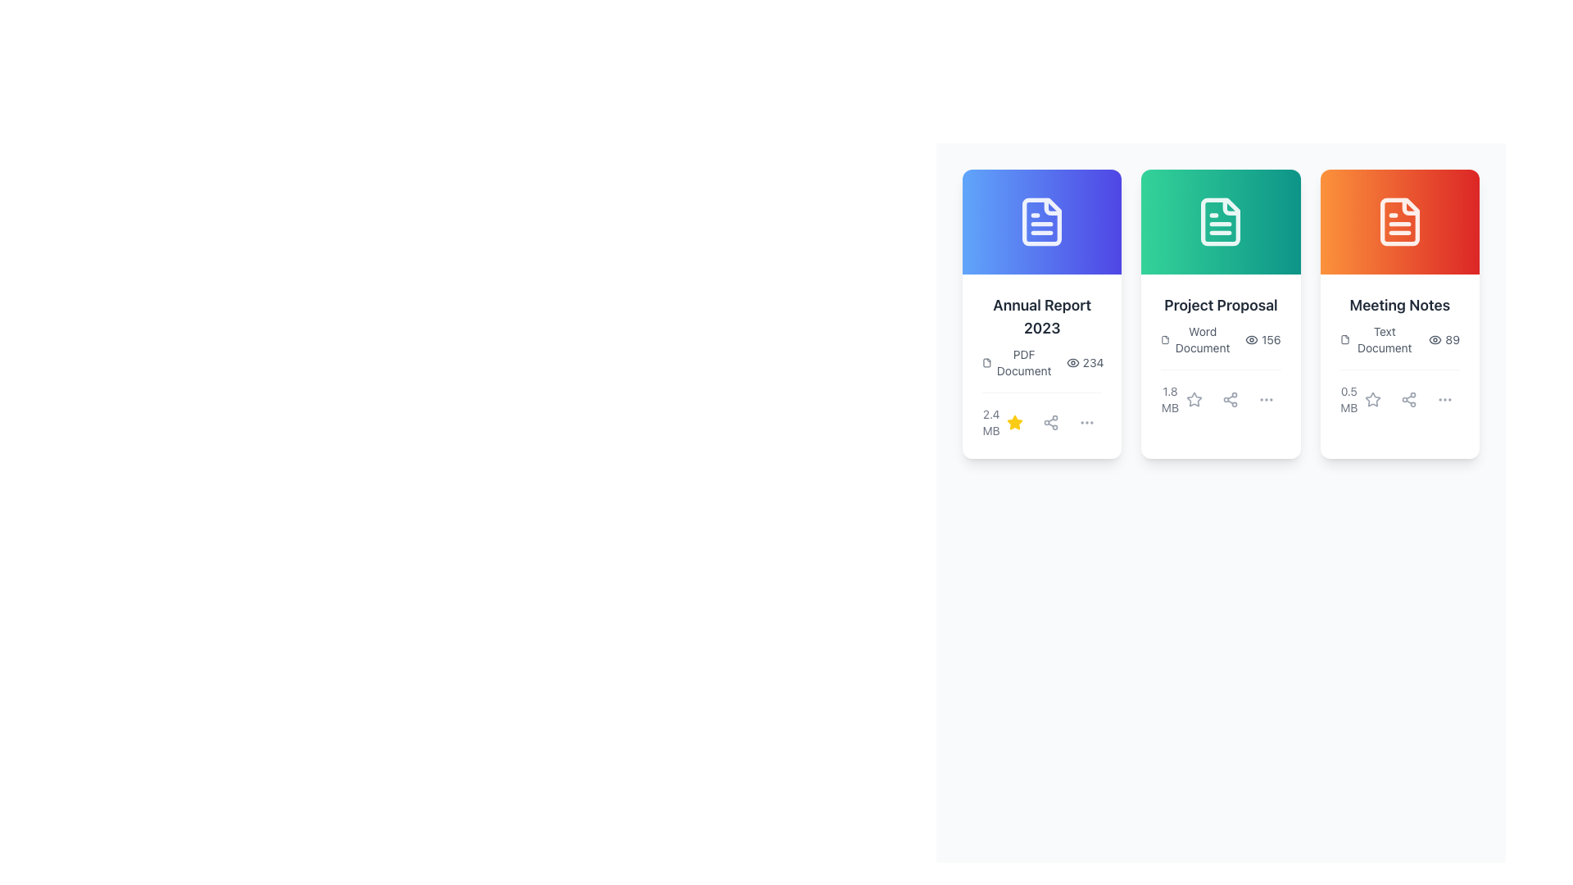 Image resolution: width=1573 pixels, height=885 pixels. What do you see at coordinates (1194, 400) in the screenshot?
I see `the star-shaped icon below the file size '1.8 MB' in the footer of the 'Project Proposal' card to mark or unmark it as favorite` at bounding box center [1194, 400].